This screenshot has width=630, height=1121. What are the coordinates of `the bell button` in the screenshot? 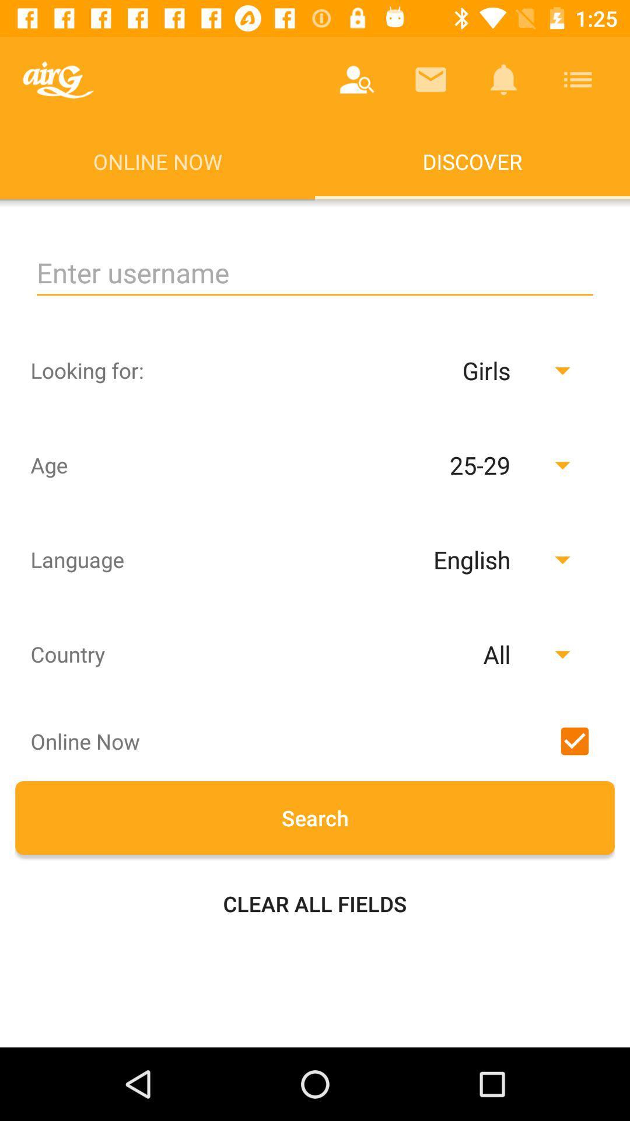 It's located at (503, 79).